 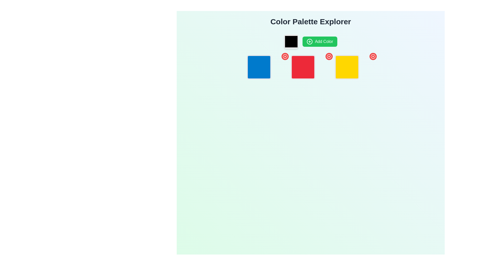 I want to click on the small circular button with a red background and white cross icon located at the top-right corner of a red square box, so click(x=329, y=56).